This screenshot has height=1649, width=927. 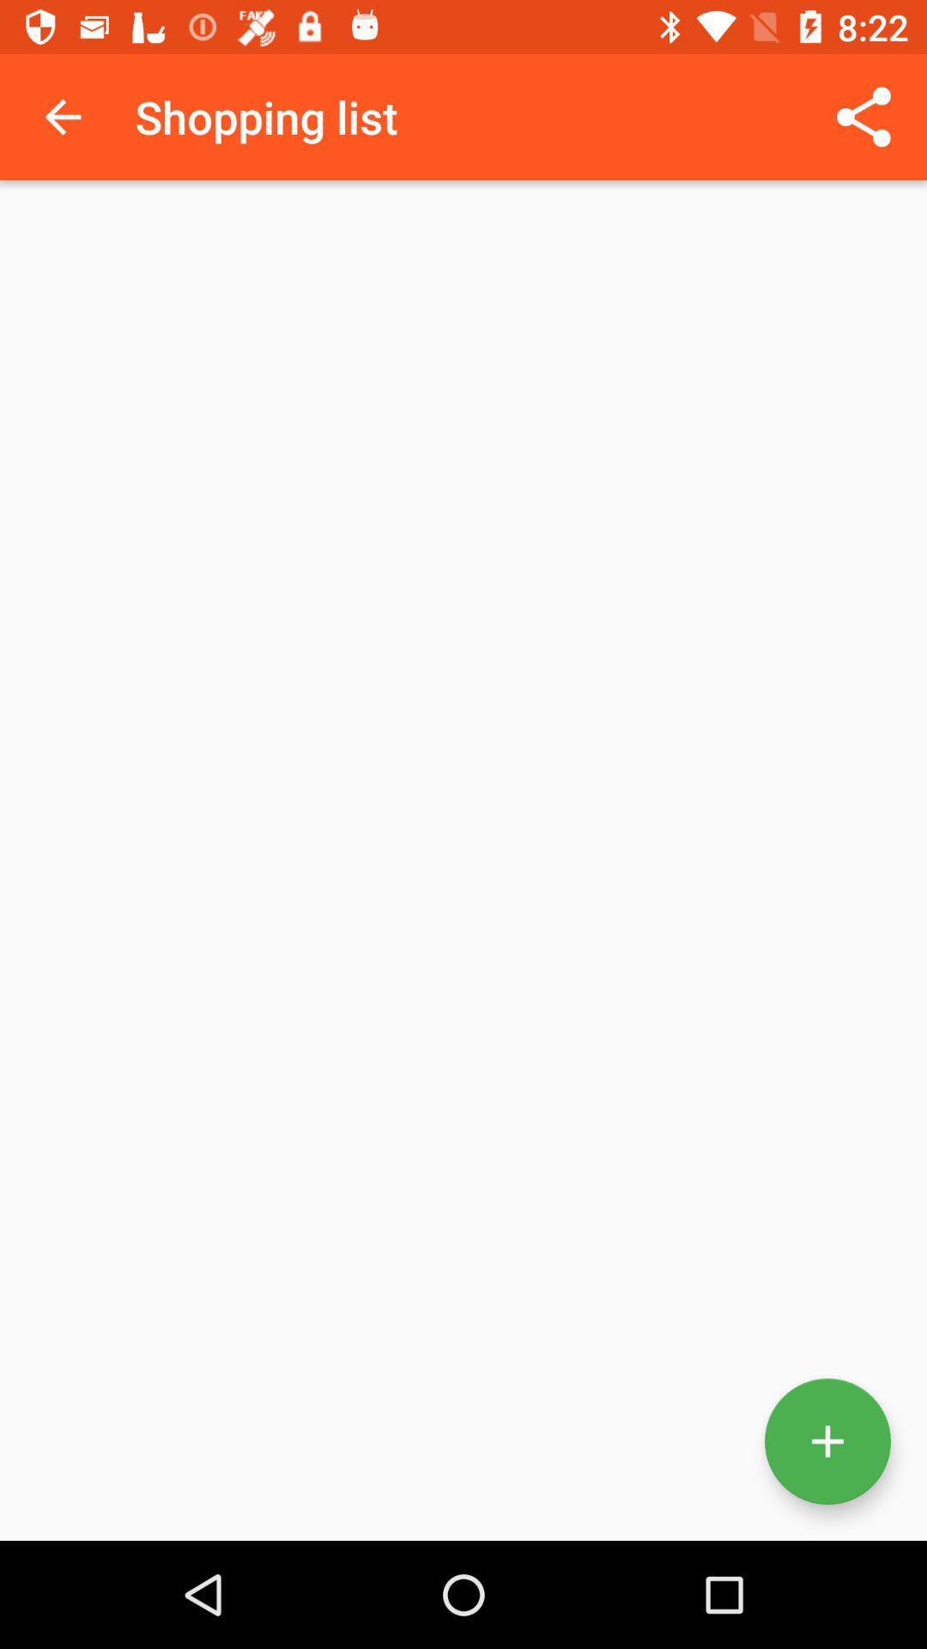 What do you see at coordinates (863, 116) in the screenshot?
I see `item to the right of the shopping list item` at bounding box center [863, 116].